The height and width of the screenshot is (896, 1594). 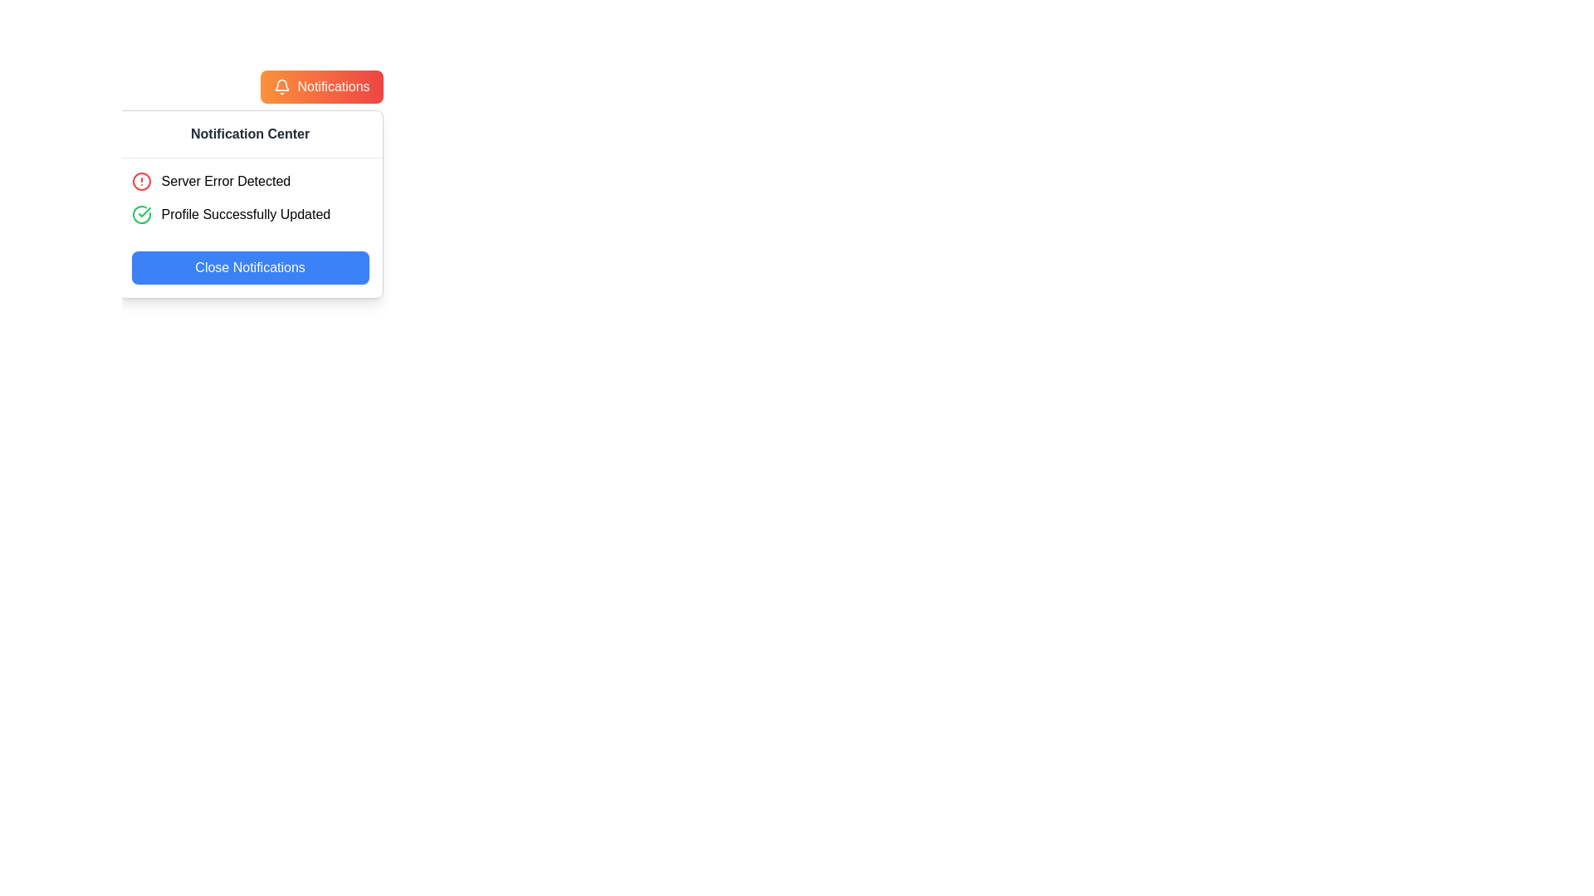 What do you see at coordinates (249, 213) in the screenshot?
I see `the text 'Profile Successfully Updated' in the second notification entry of the notification center` at bounding box center [249, 213].